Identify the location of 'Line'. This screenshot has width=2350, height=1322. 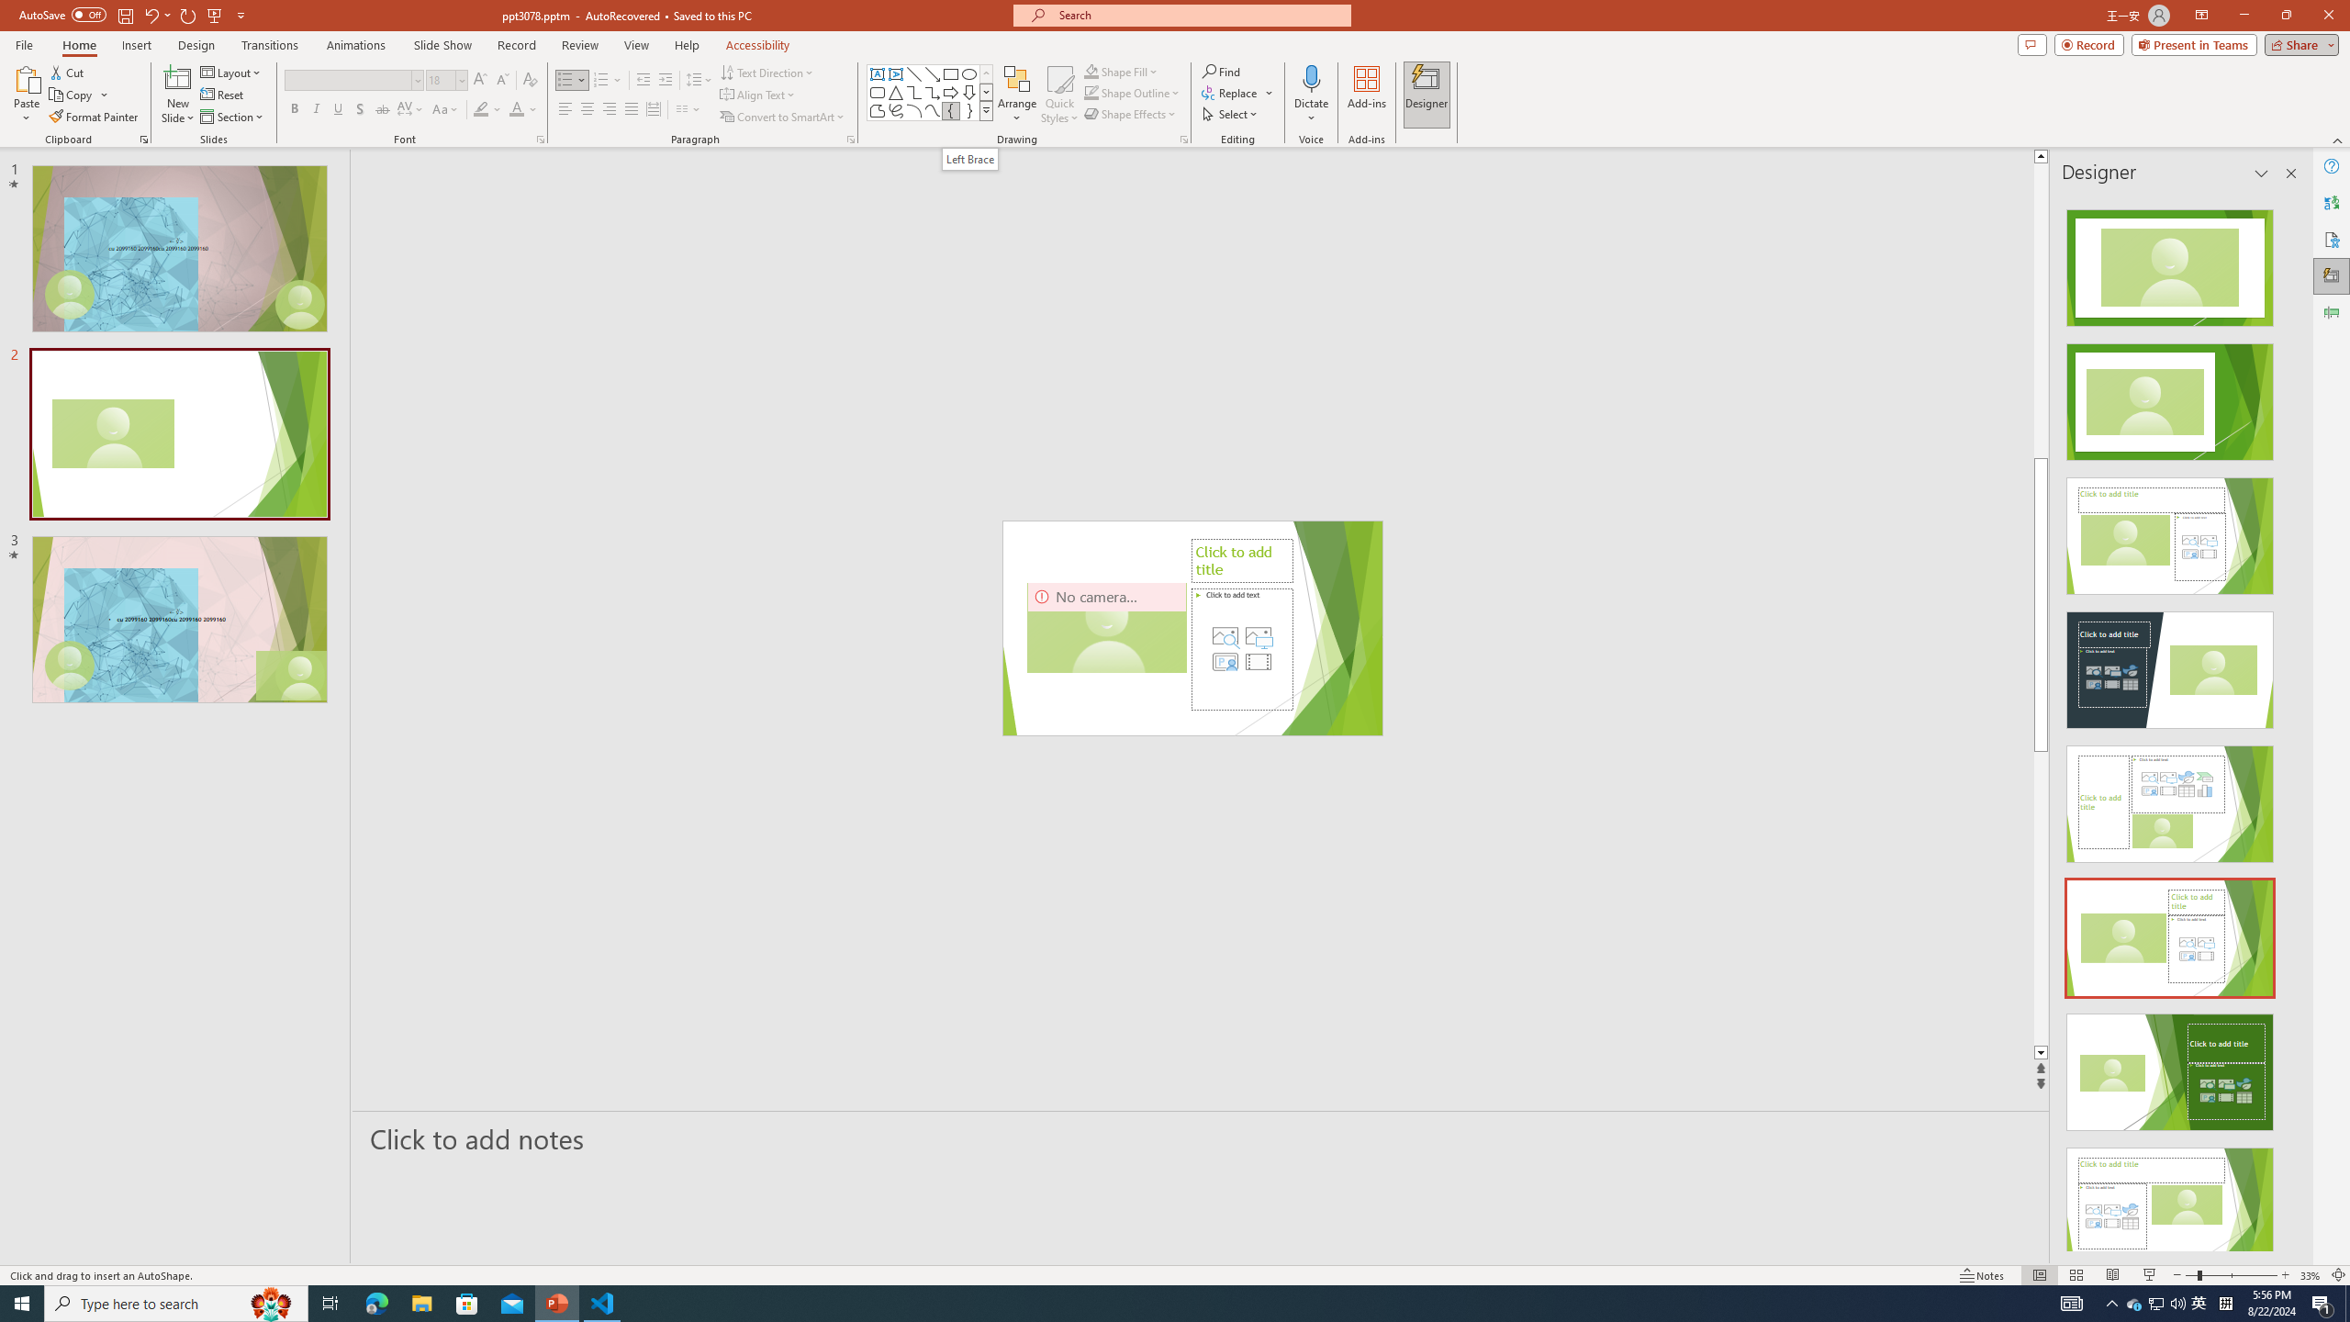
(912, 73).